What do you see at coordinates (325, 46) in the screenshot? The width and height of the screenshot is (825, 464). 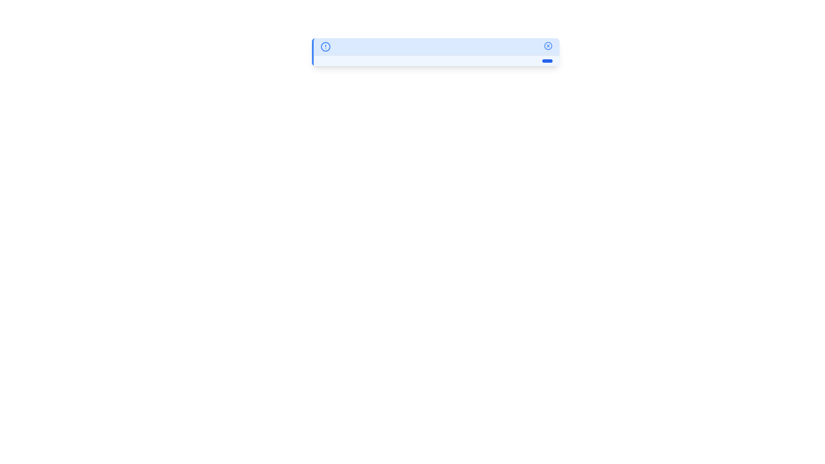 I see `the circular blue outlined alert icon located prominently on the left side of the bar for more details or actions` at bounding box center [325, 46].